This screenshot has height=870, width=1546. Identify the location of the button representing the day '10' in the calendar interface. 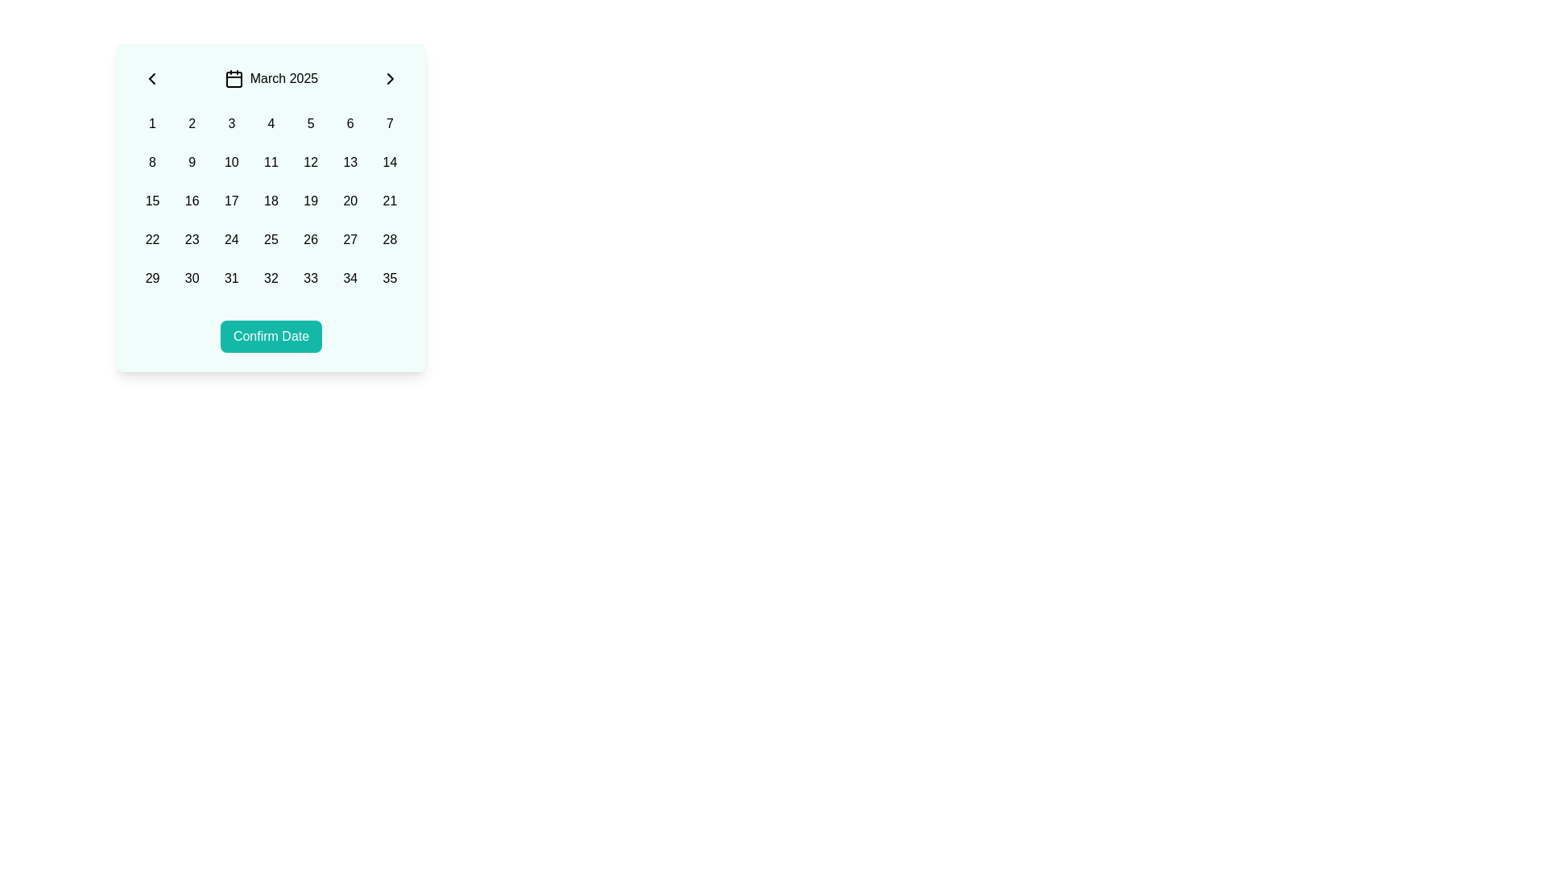
(230, 162).